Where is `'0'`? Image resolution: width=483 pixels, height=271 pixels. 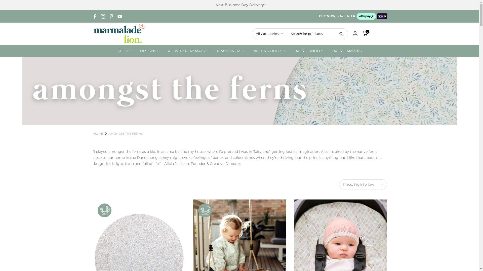 '0' is located at coordinates (365, 34).